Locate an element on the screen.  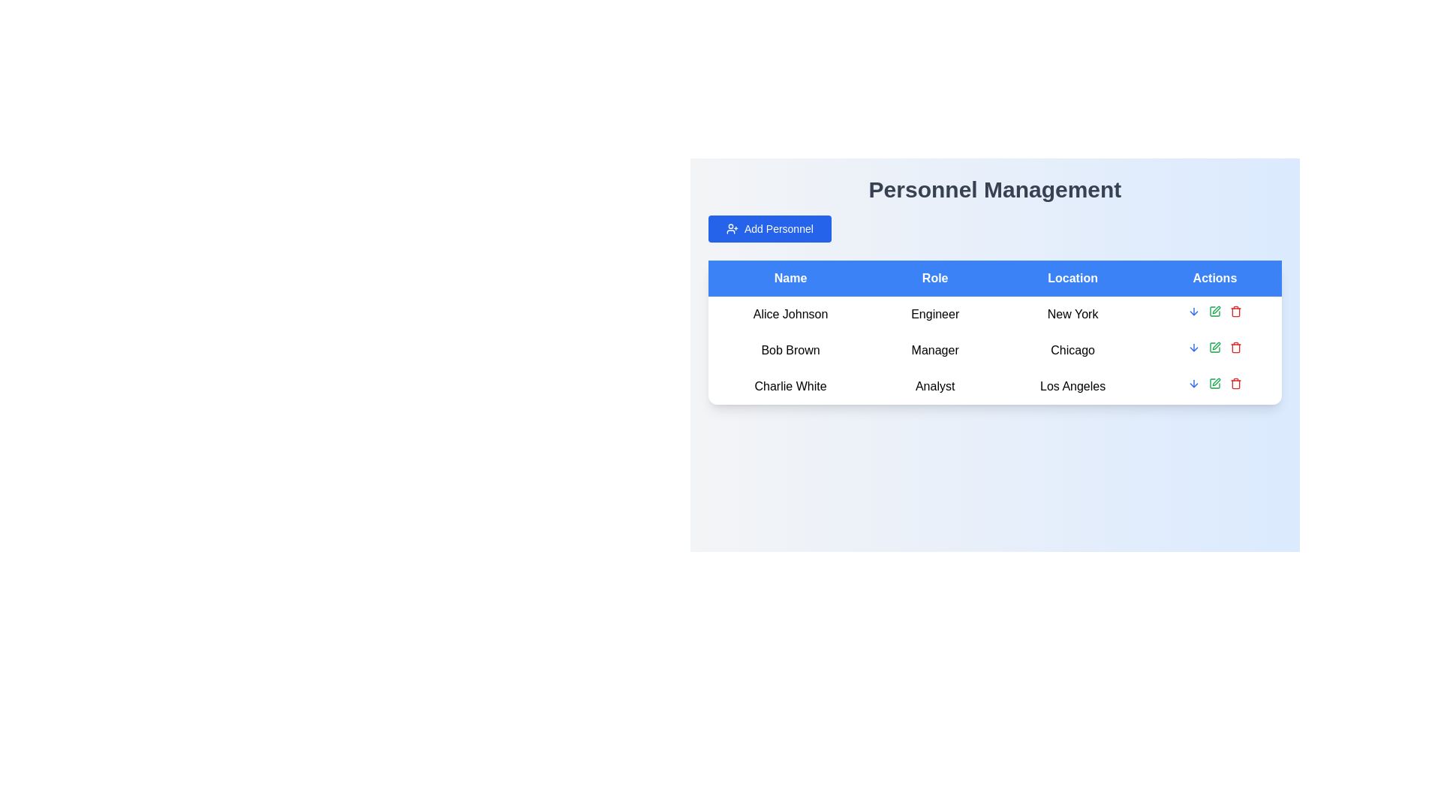
the edit button for 'Bob Brown' located in the fourth column of the second row of the table, positioned between a blue downward arrow icon and a red trash icon is located at coordinates (1214, 347).